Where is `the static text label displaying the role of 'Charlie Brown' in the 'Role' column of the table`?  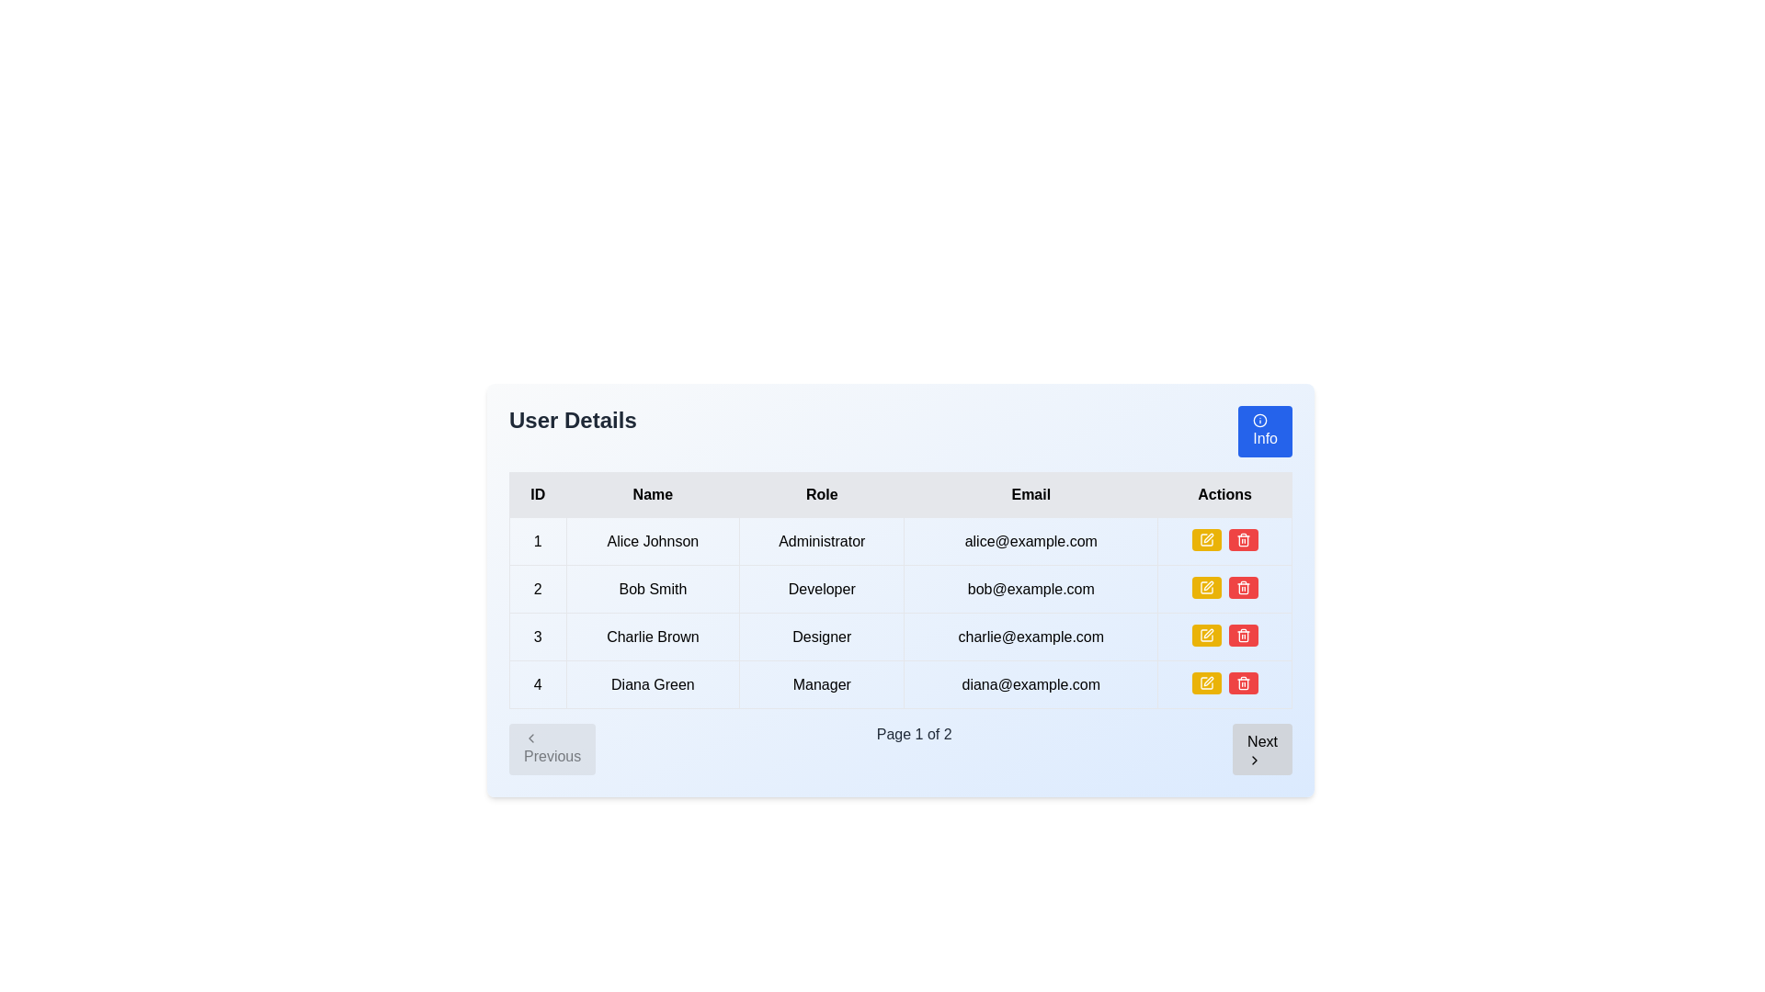 the static text label displaying the role of 'Charlie Brown' in the 'Role' column of the table is located at coordinates (821, 636).